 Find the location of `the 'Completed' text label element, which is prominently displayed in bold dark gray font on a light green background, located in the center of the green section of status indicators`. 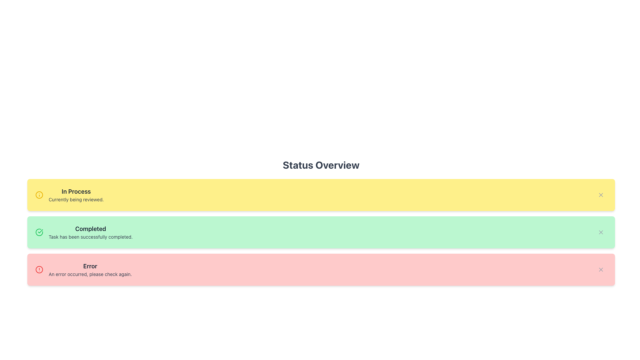

the 'Completed' text label element, which is prominently displayed in bold dark gray font on a light green background, located in the center of the green section of status indicators is located at coordinates (90, 228).